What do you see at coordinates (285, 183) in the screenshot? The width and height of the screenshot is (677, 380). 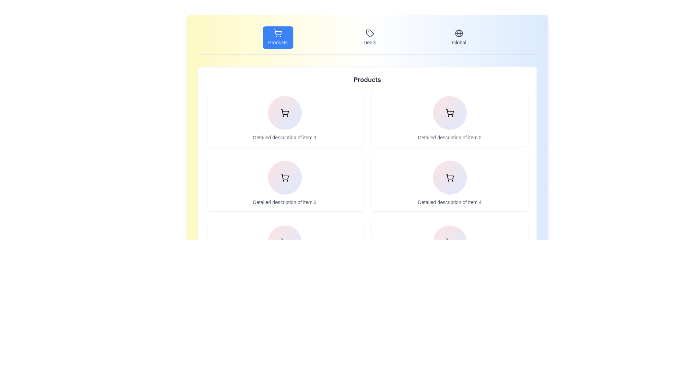 I see `the item with the description 'Detailed description of item 3' to view its details` at bounding box center [285, 183].